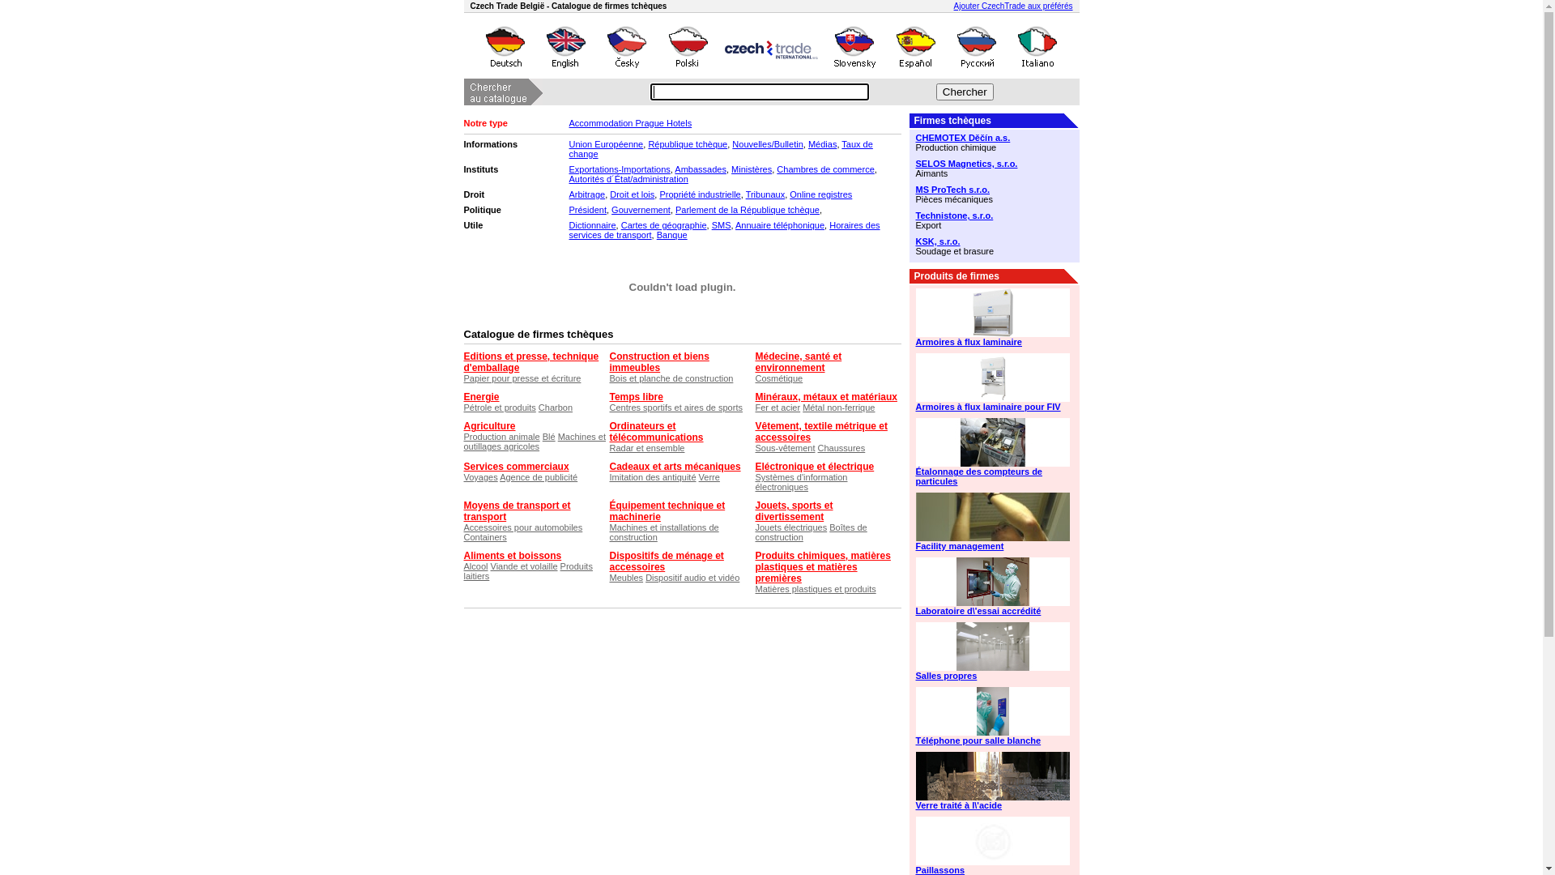 The width and height of the screenshot is (1555, 875). What do you see at coordinates (709, 476) in the screenshot?
I see `'Verre'` at bounding box center [709, 476].